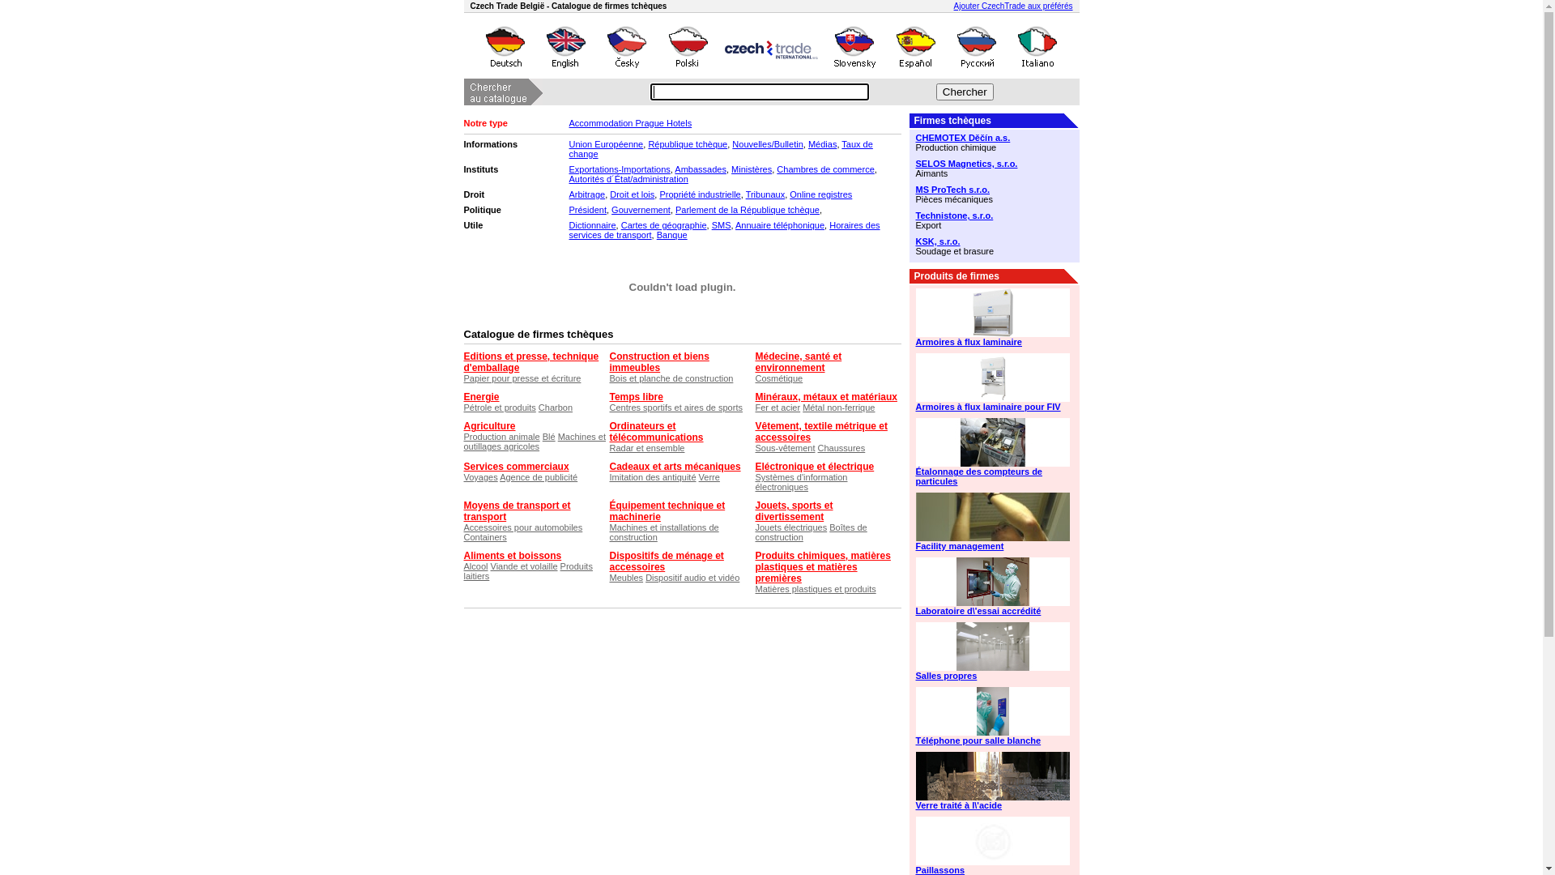 The width and height of the screenshot is (1555, 875). What do you see at coordinates (709, 476) in the screenshot?
I see `'Verre'` at bounding box center [709, 476].